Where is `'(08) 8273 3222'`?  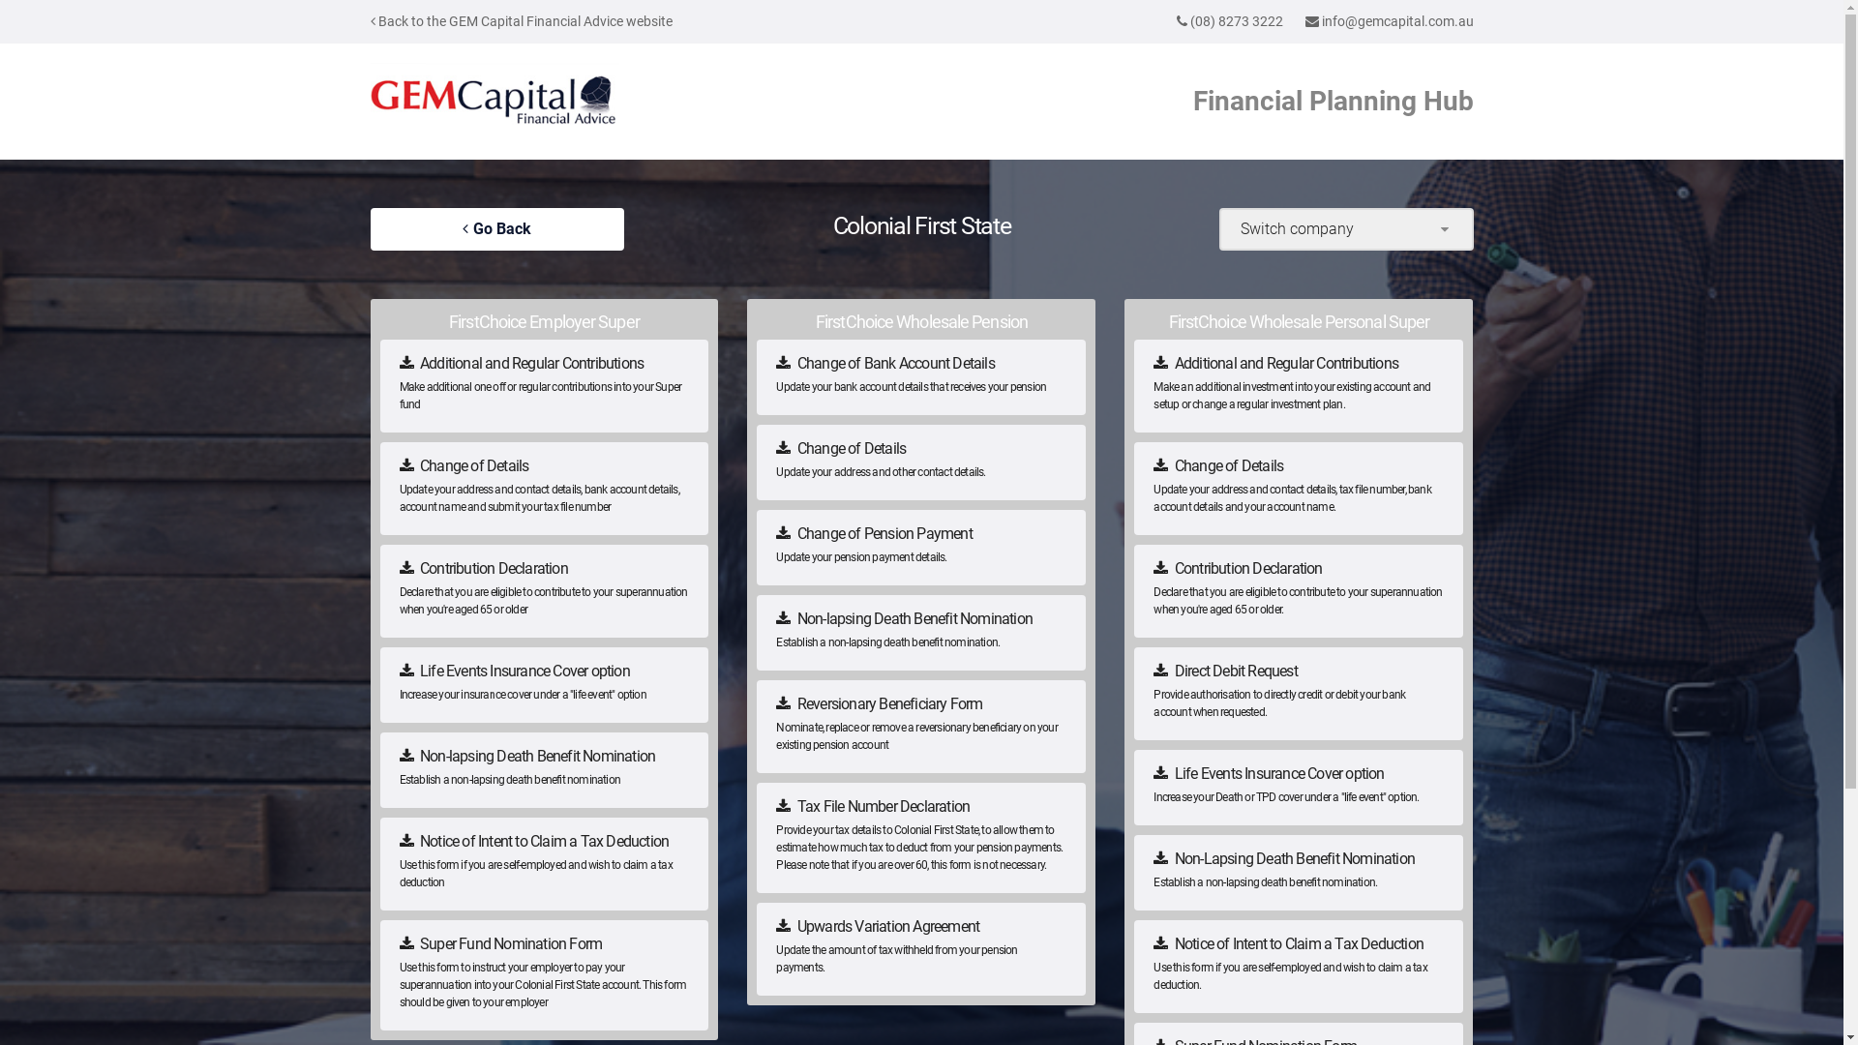 '(08) 8273 3222' is located at coordinates (1235, 21).